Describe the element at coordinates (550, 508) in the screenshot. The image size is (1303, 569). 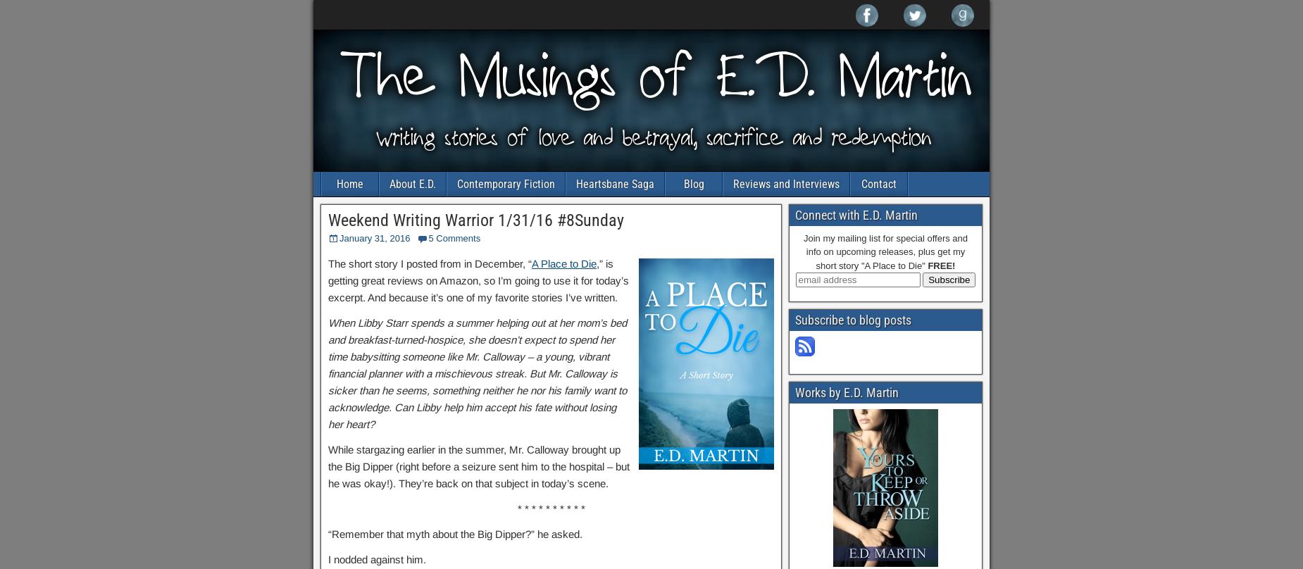
I see `'* * * * * * * * * *'` at that location.